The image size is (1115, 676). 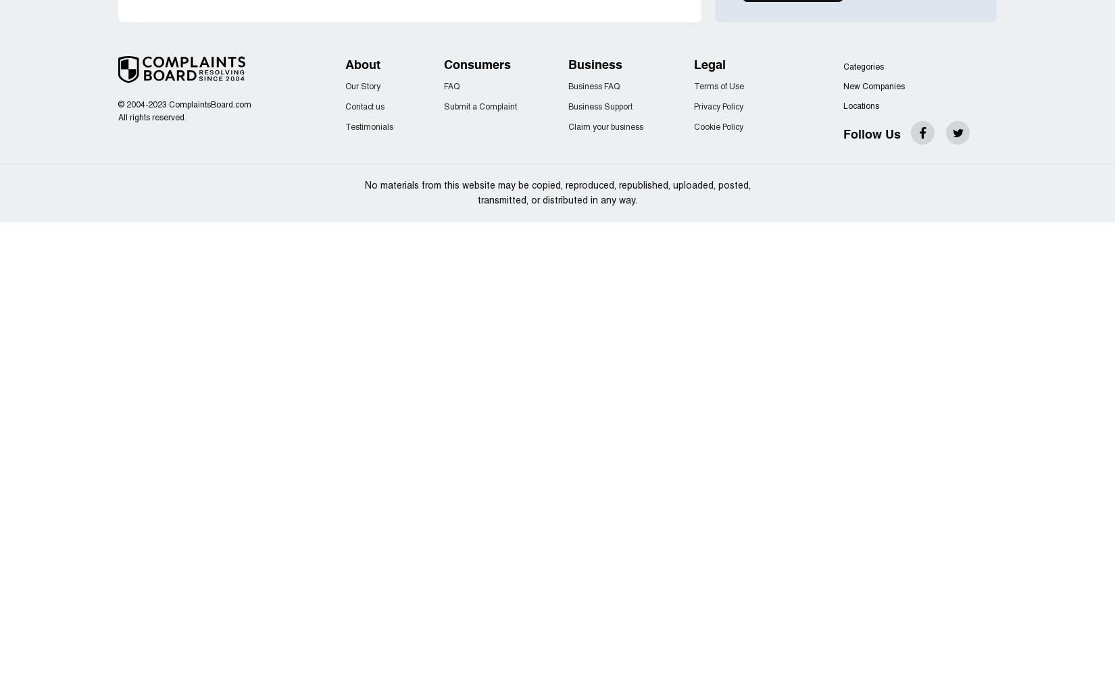 What do you see at coordinates (860, 106) in the screenshot?
I see `'Locations'` at bounding box center [860, 106].